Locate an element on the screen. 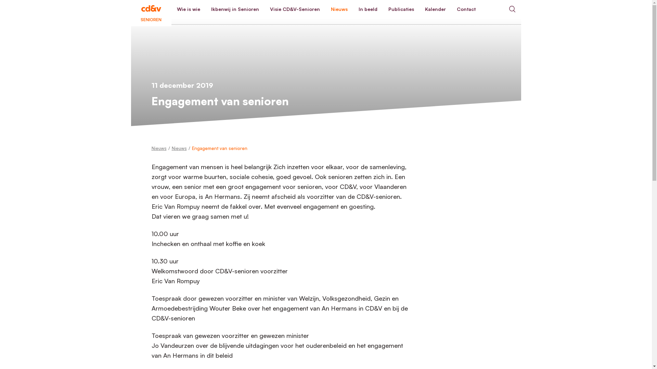 Image resolution: width=657 pixels, height=369 pixels. 'Publicaties' is located at coordinates (401, 9).